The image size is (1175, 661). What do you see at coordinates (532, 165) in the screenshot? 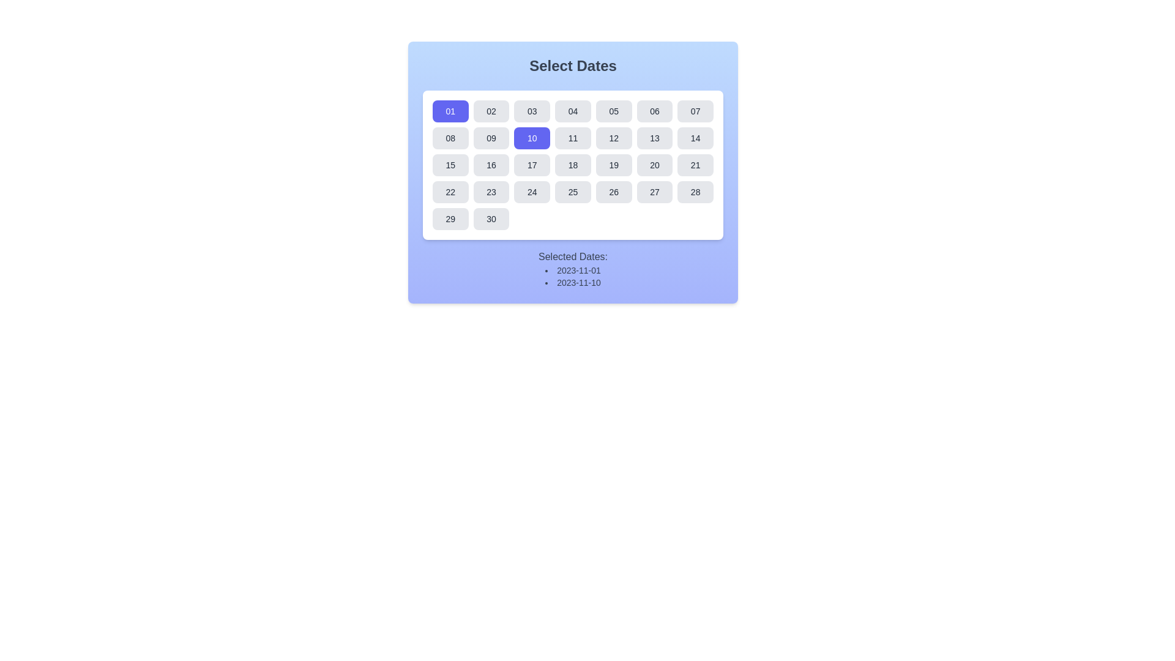
I see `the button displaying the text '17', which has a light gray background and dark gray text, located in the third row and third column of a grid-based layout` at bounding box center [532, 165].